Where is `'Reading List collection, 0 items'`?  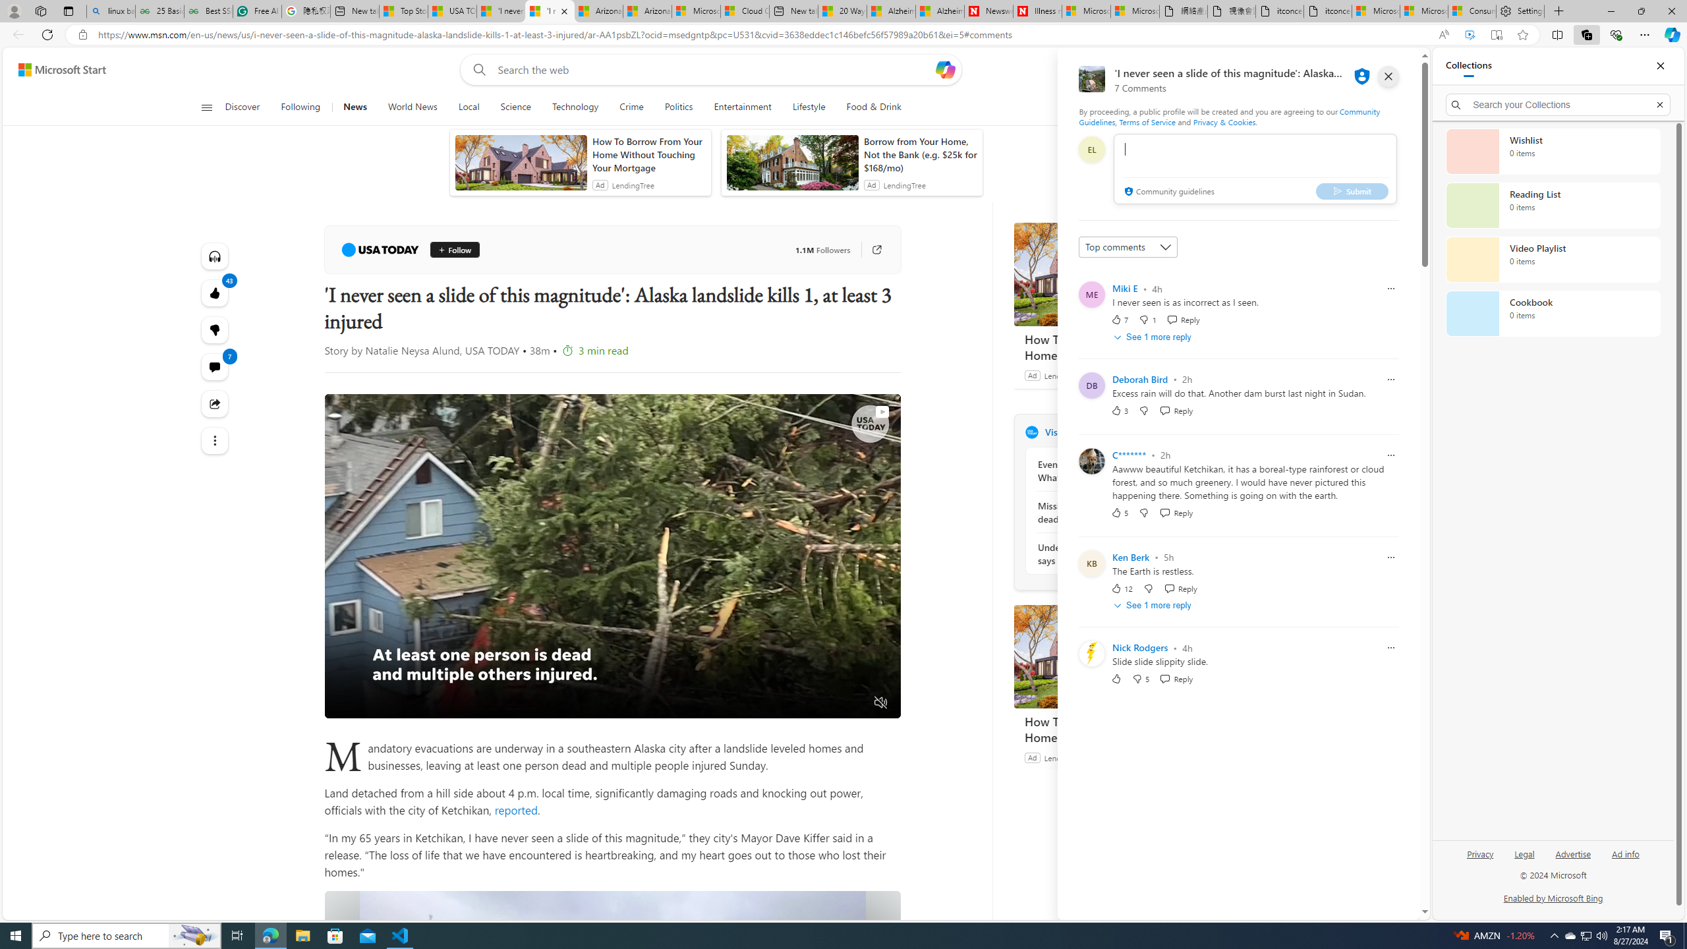
'Reading List collection, 0 items' is located at coordinates (1553, 204).